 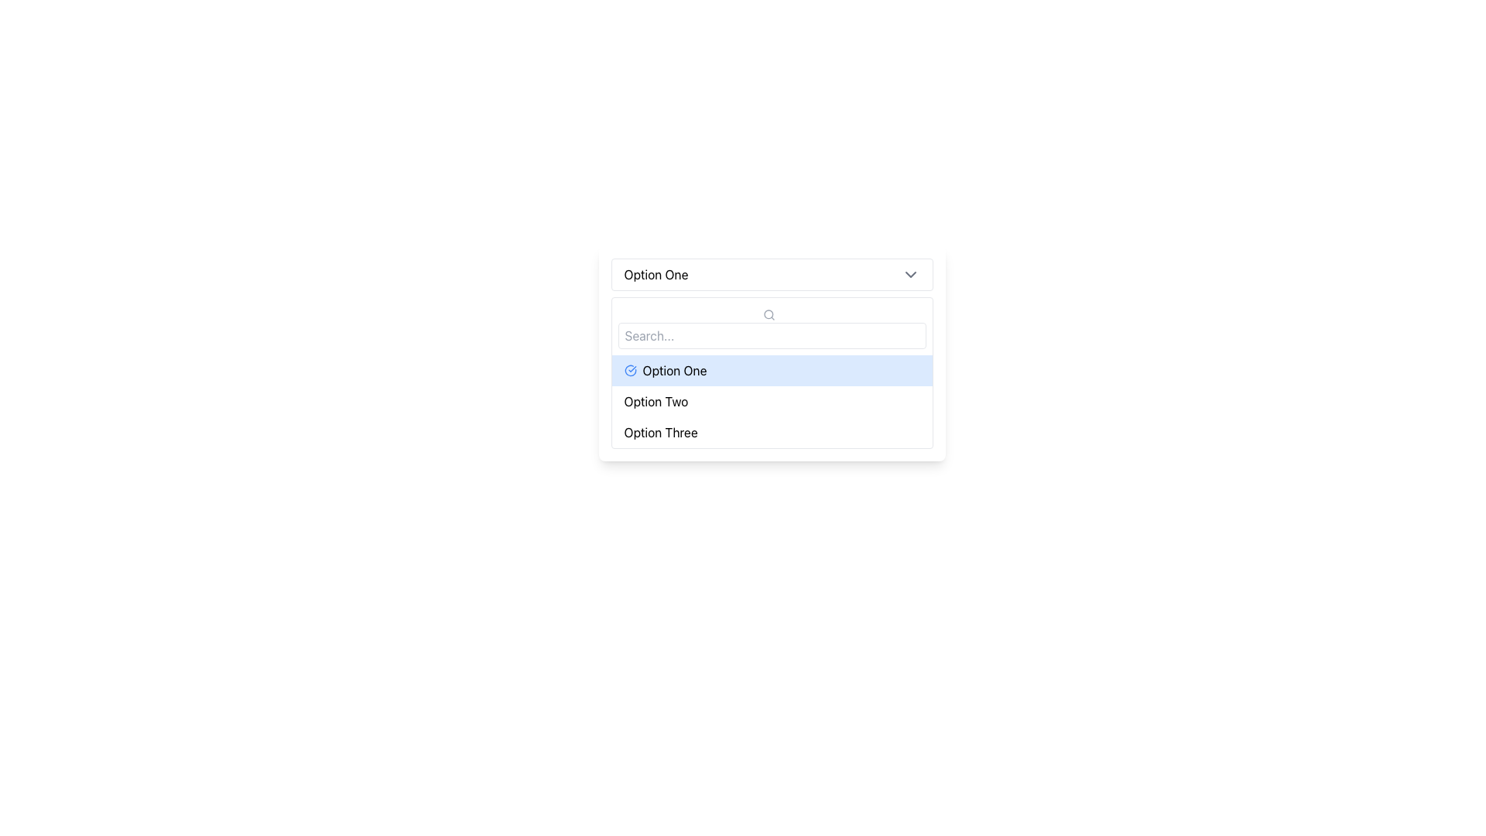 What do you see at coordinates (772, 401) in the screenshot?
I see `the second option in the dropdown menu` at bounding box center [772, 401].